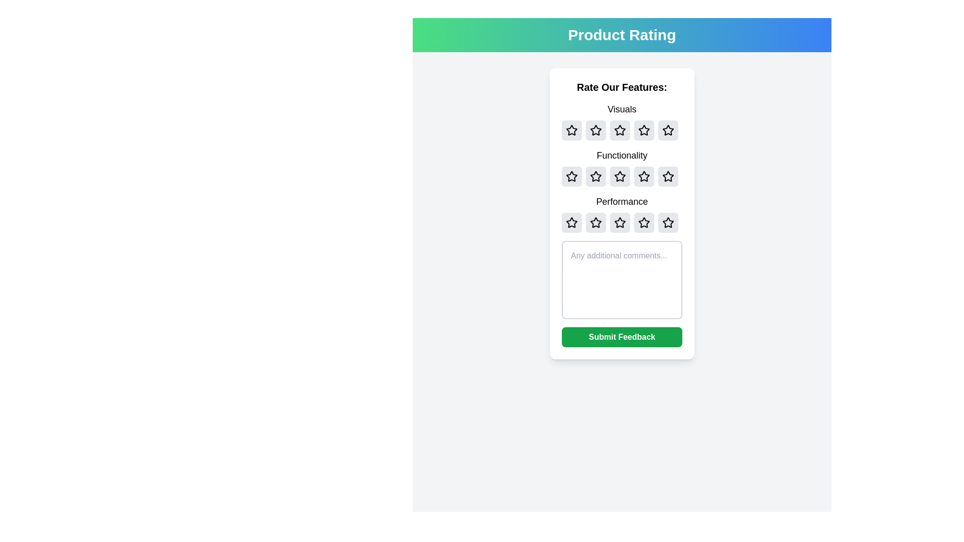  I want to click on the third star icon in the rating system for the 'Functionality' category to assign a rating, so click(619, 176).